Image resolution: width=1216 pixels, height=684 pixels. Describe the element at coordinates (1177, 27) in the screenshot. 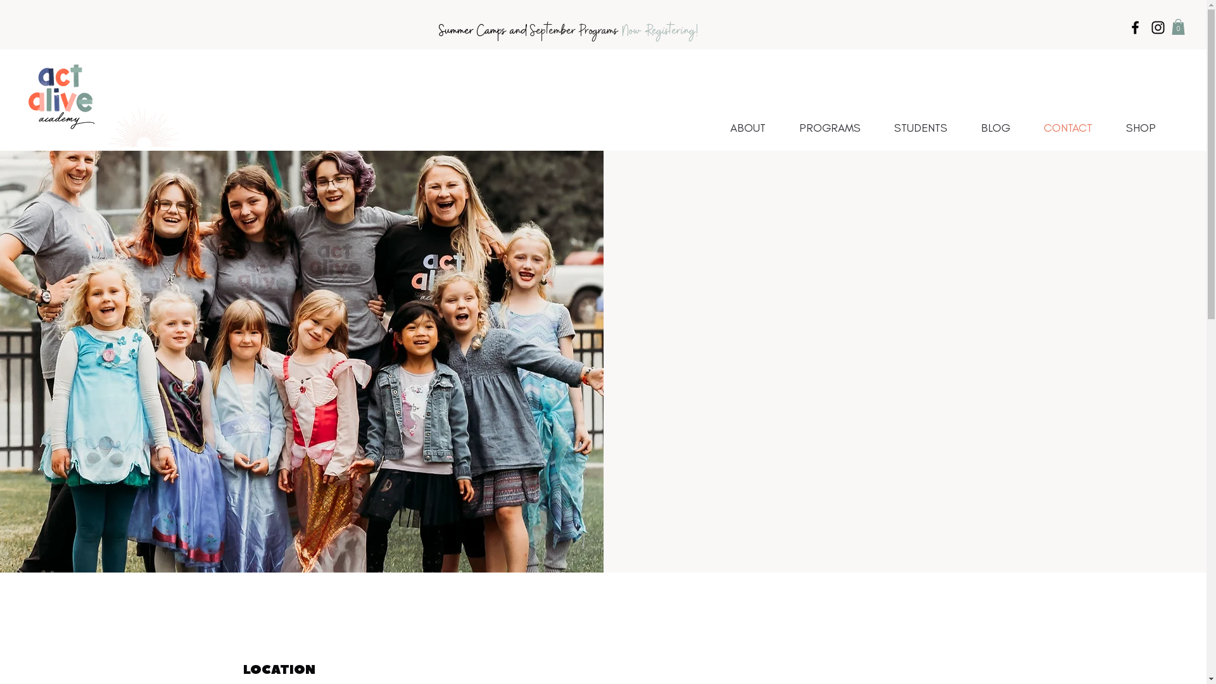

I see `'0'` at that location.